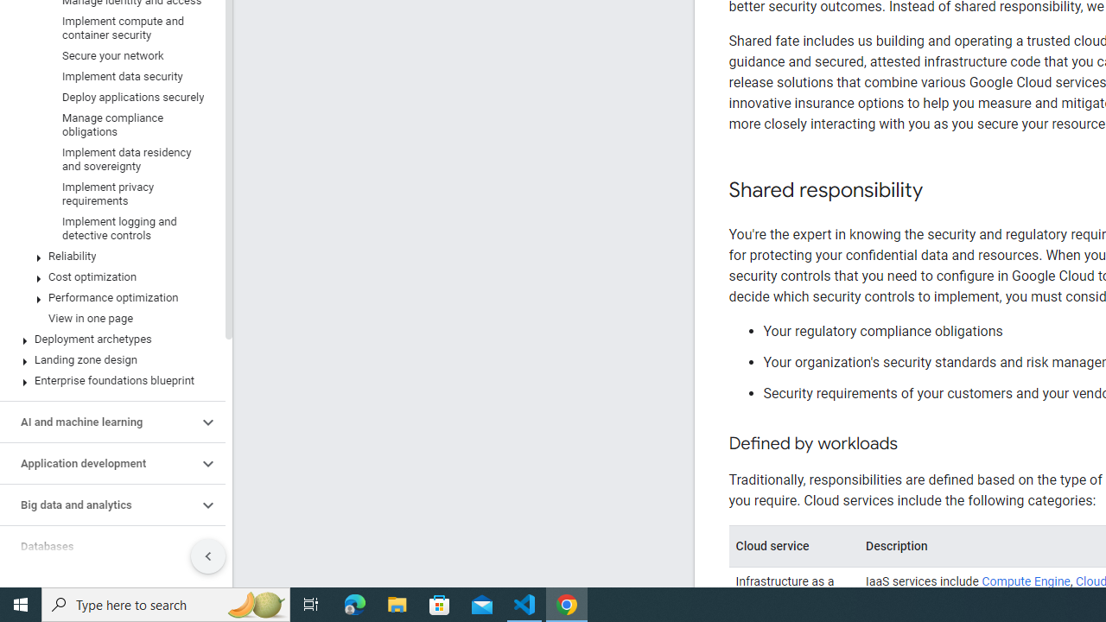 The width and height of the screenshot is (1106, 622). What do you see at coordinates (108, 227) in the screenshot?
I see `'Implement logging and detective controls'` at bounding box center [108, 227].